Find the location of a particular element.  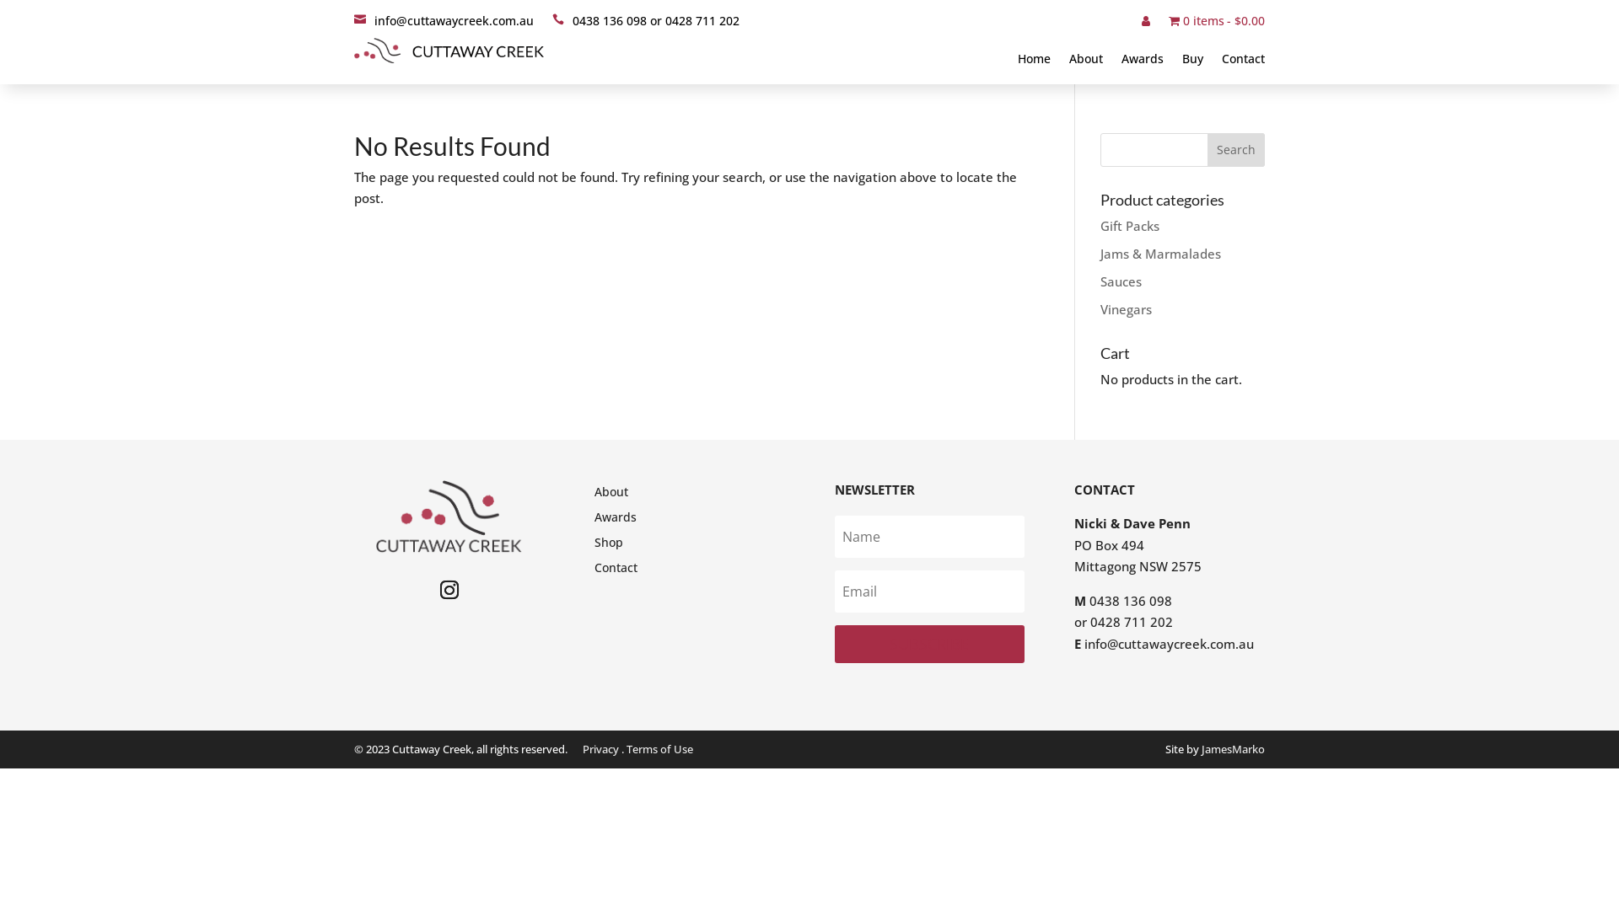

'Awards' is located at coordinates (614, 519).